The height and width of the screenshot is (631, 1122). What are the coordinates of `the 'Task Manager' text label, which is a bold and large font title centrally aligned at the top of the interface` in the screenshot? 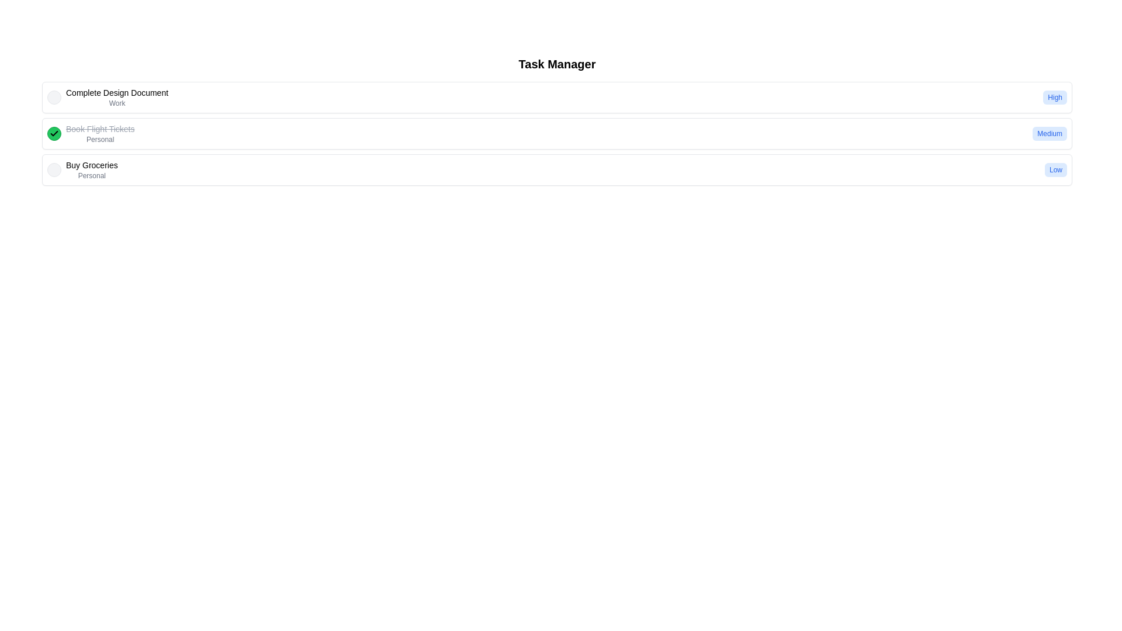 It's located at (556, 64).